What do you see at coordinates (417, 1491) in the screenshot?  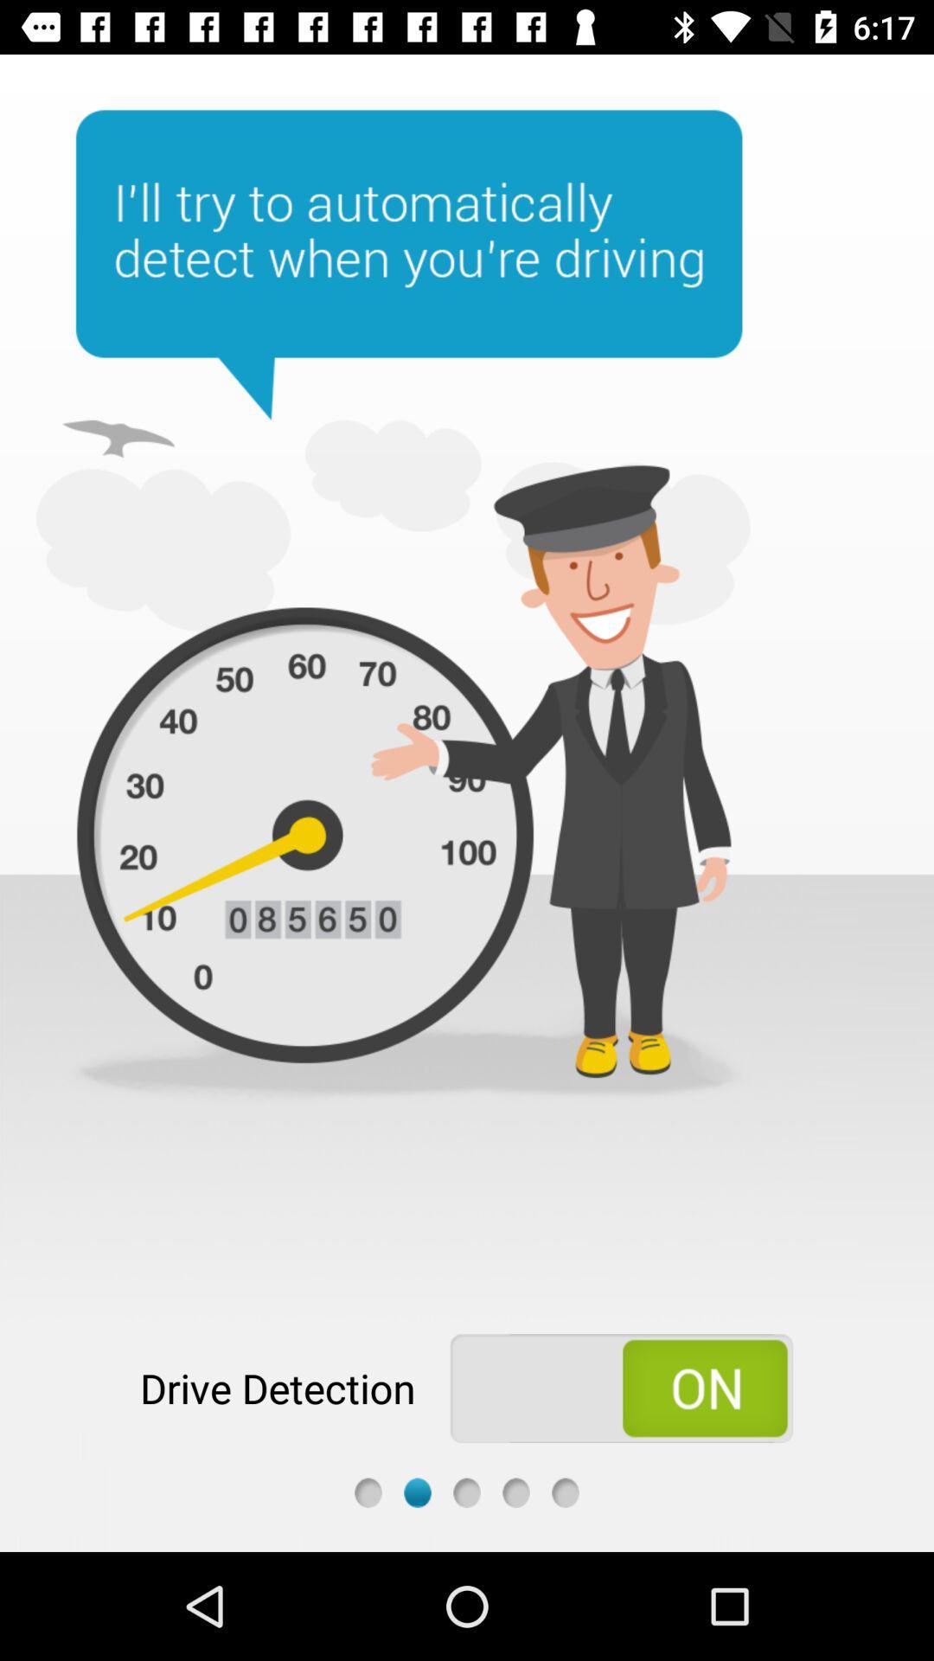 I see `the next slide` at bounding box center [417, 1491].